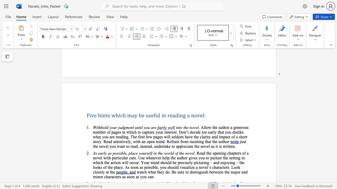 The image size is (337, 189). I want to click on the subset text "urself in the world o" within the text "As early as possible, place yourself in the world of the novel", so click(143, 153).